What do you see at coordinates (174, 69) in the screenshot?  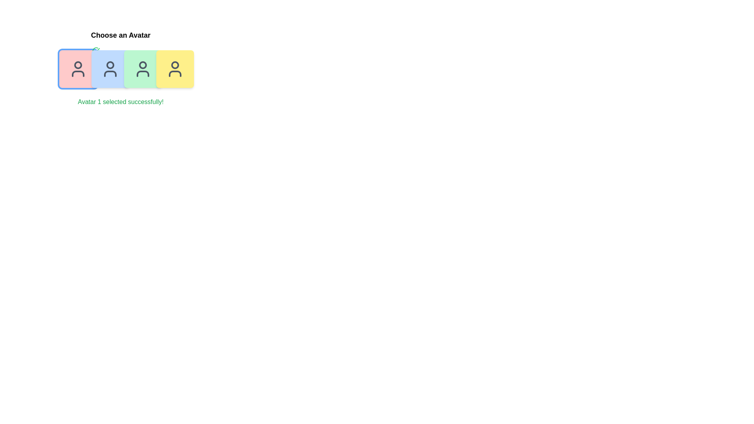 I see `the user silhouette icon within a yellow square` at bounding box center [174, 69].